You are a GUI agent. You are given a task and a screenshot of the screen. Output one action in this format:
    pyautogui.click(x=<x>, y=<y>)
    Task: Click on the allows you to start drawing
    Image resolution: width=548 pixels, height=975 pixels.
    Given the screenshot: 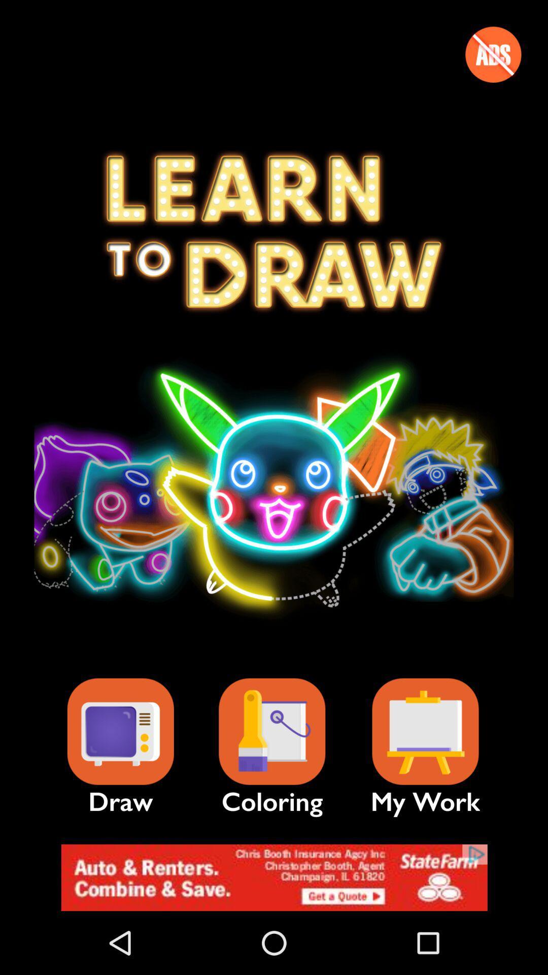 What is the action you would take?
    pyautogui.click(x=120, y=732)
    